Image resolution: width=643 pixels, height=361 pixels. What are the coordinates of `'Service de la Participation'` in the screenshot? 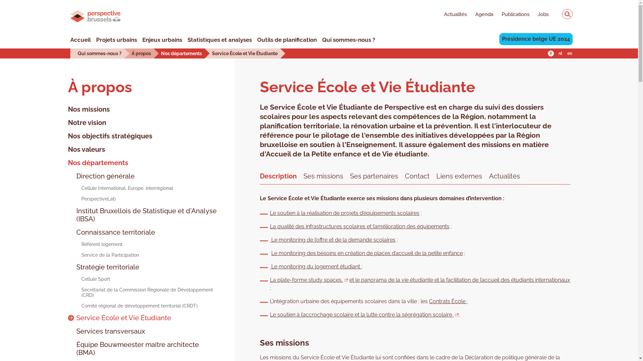 It's located at (102, 255).